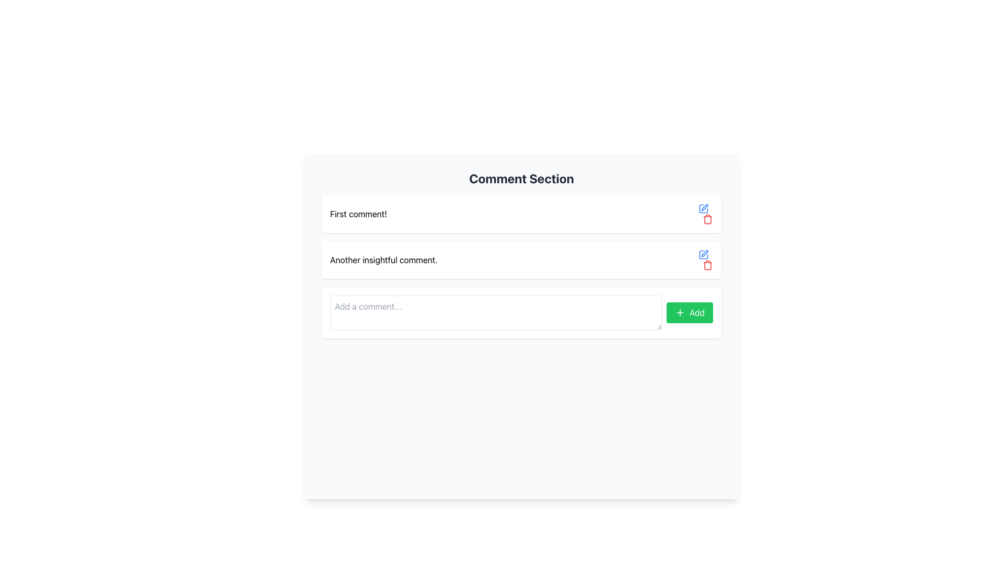 The width and height of the screenshot is (1003, 564). I want to click on the lower blue edit icon located to the right of the second comment's text, so click(704, 255).